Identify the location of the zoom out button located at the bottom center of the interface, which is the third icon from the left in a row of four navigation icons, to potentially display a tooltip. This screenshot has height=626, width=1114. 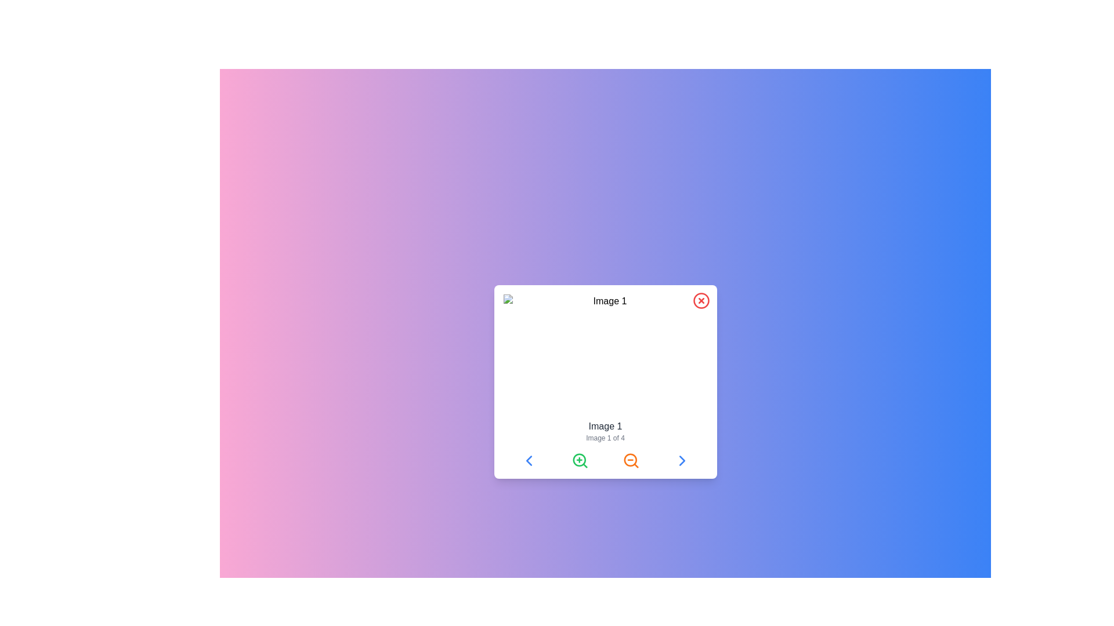
(630, 460).